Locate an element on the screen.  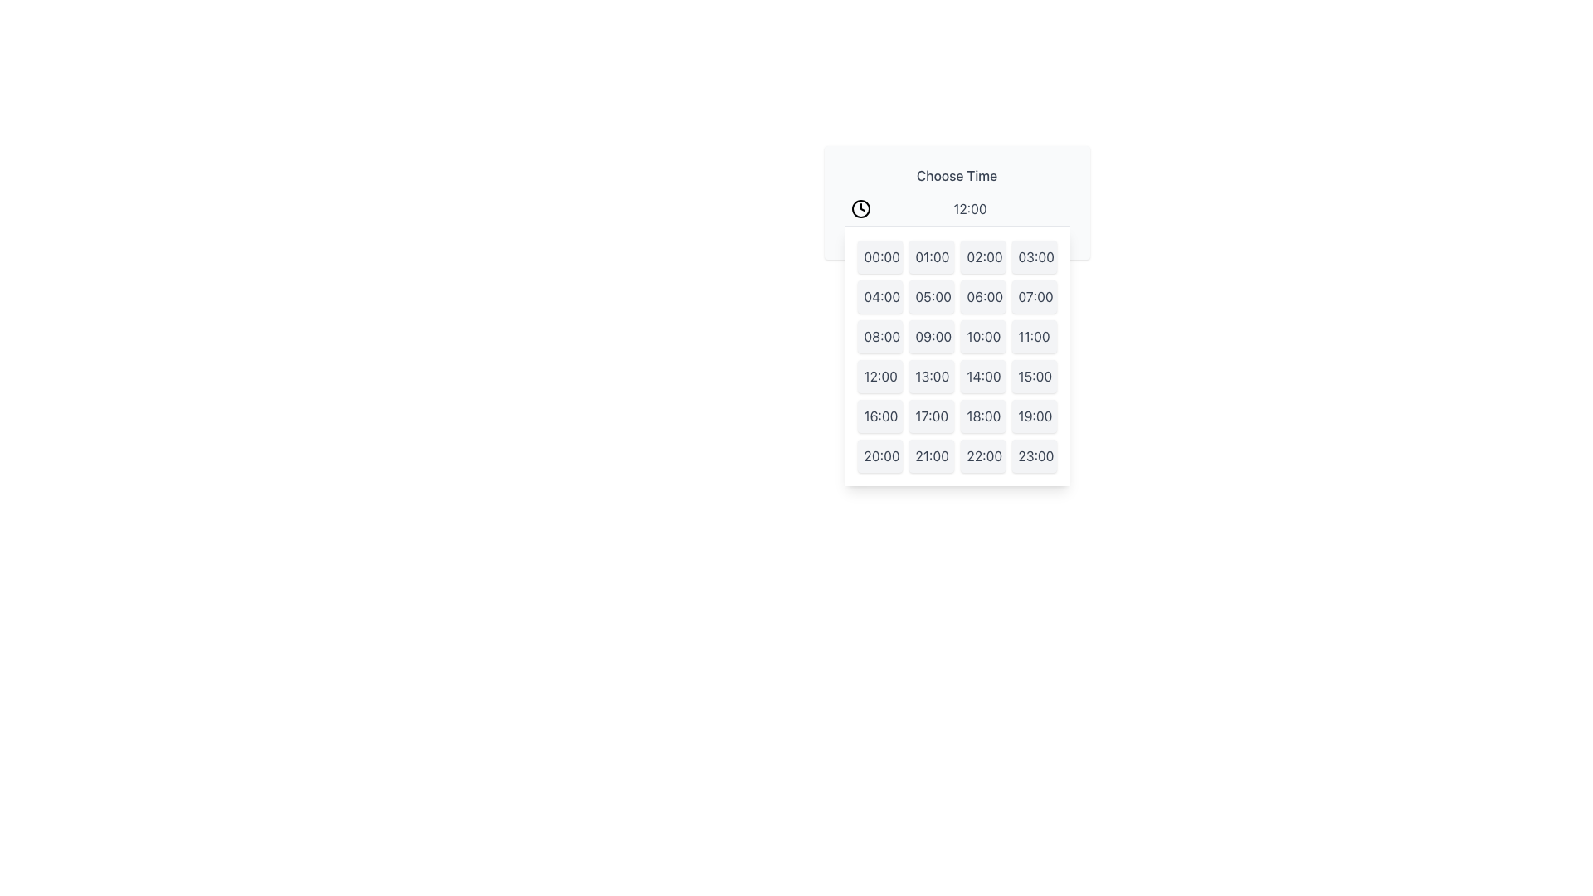
the time selection button for '16:00' using keyboard navigation is located at coordinates (879, 415).